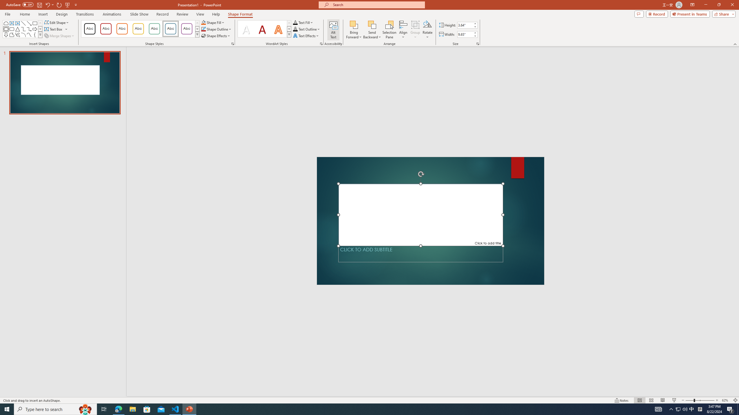 The width and height of the screenshot is (739, 415). I want to click on 'Colored Outline - Dark Red, Accent 1', so click(106, 29).